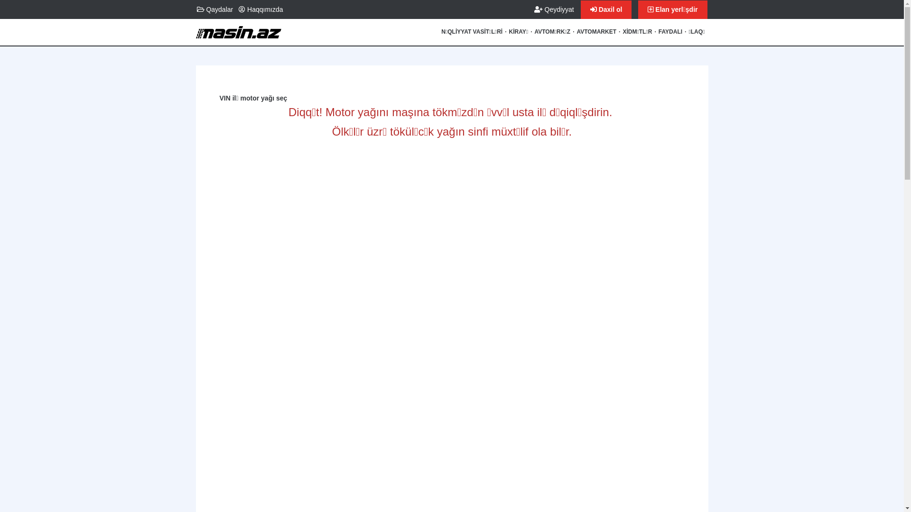  What do you see at coordinates (669, 32) in the screenshot?
I see `'FAYDALI'` at bounding box center [669, 32].